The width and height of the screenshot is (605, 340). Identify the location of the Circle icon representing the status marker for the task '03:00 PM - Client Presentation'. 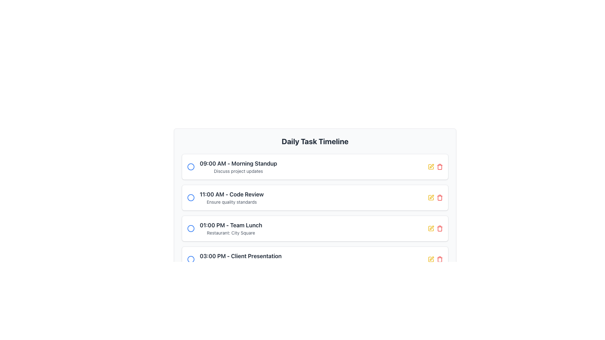
(190, 259).